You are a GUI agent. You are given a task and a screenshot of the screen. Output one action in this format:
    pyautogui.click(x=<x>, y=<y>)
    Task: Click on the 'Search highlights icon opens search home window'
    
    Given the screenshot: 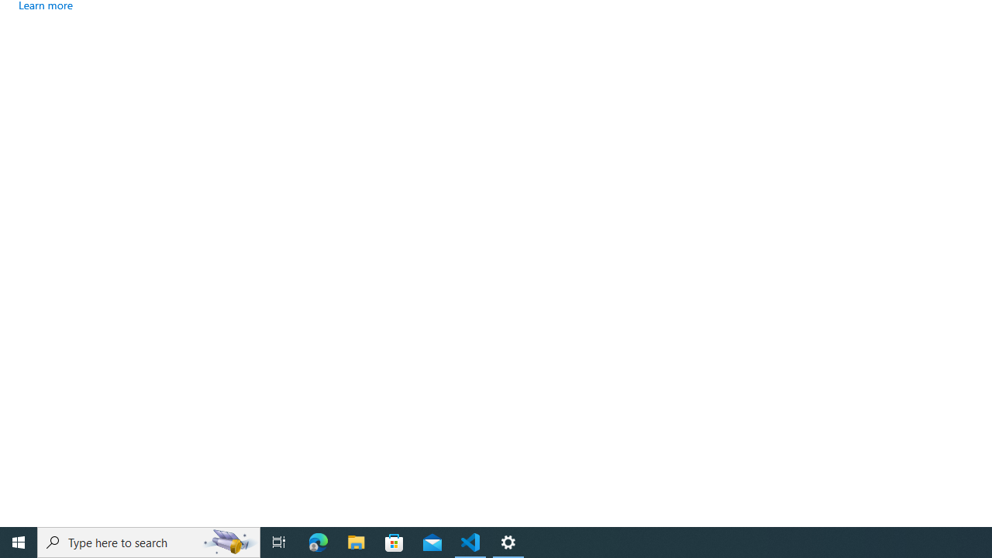 What is the action you would take?
    pyautogui.click(x=228, y=541)
    